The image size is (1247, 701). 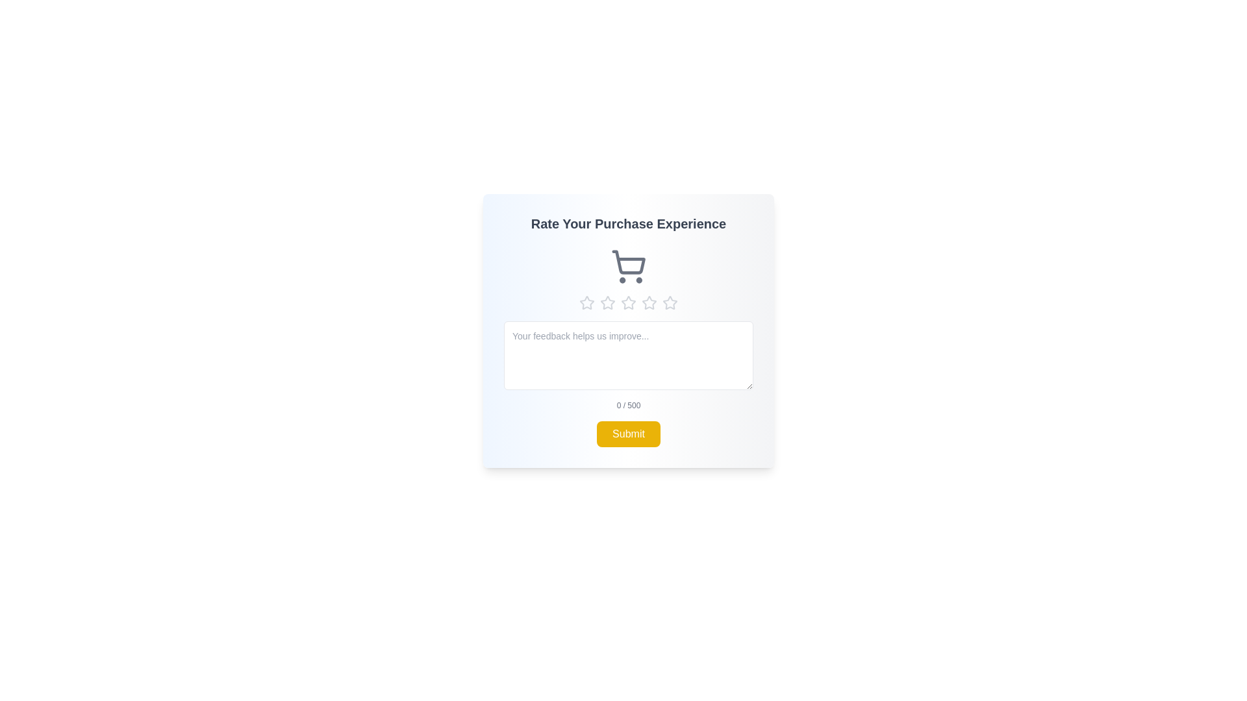 What do you see at coordinates (649, 302) in the screenshot?
I see `the star corresponding to the desired rating of 4` at bounding box center [649, 302].